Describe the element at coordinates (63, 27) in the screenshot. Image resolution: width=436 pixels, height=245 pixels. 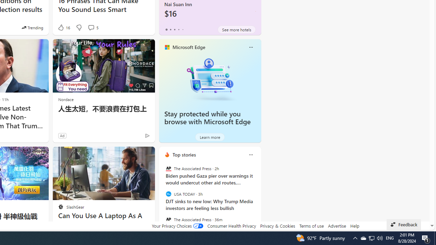
I see `'16 Like'` at that location.